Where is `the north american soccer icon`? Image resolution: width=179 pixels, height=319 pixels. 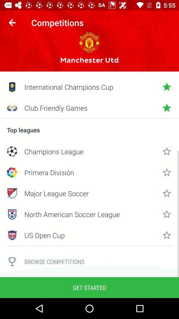
the north american soccer icon is located at coordinates (89, 214).